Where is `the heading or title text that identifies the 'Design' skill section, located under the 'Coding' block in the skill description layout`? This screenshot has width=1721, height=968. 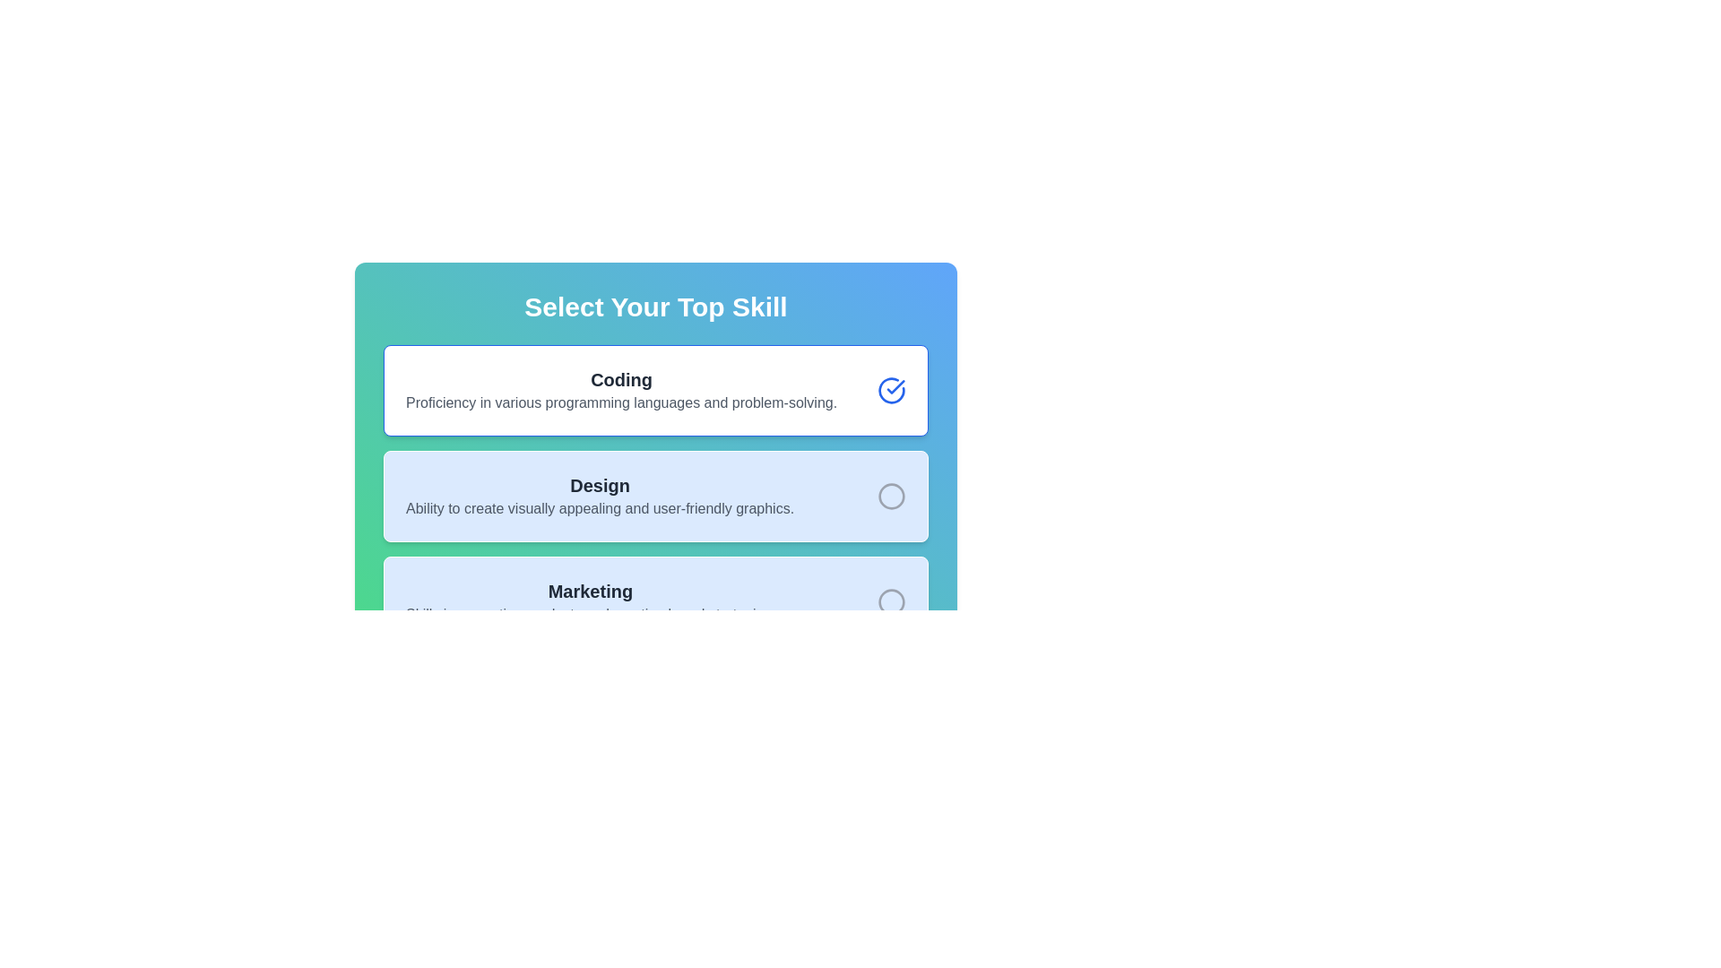
the heading or title text that identifies the 'Design' skill section, located under the 'Coding' block in the skill description layout is located at coordinates (600, 486).